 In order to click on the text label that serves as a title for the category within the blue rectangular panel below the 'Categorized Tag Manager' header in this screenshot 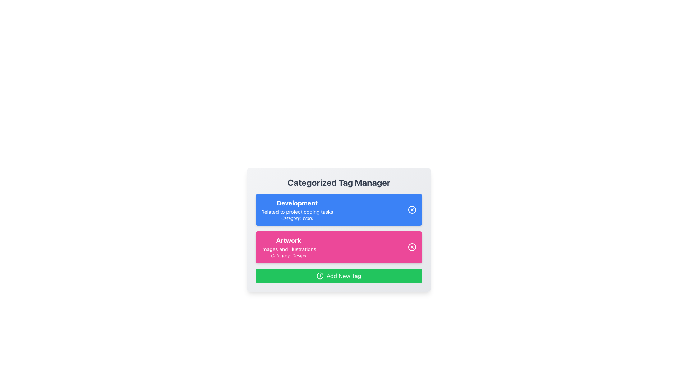, I will do `click(297, 203)`.